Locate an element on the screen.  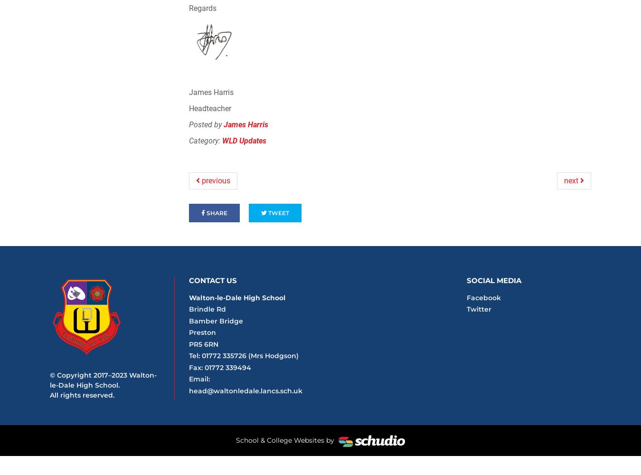
'Headteacher' is located at coordinates (189, 108).